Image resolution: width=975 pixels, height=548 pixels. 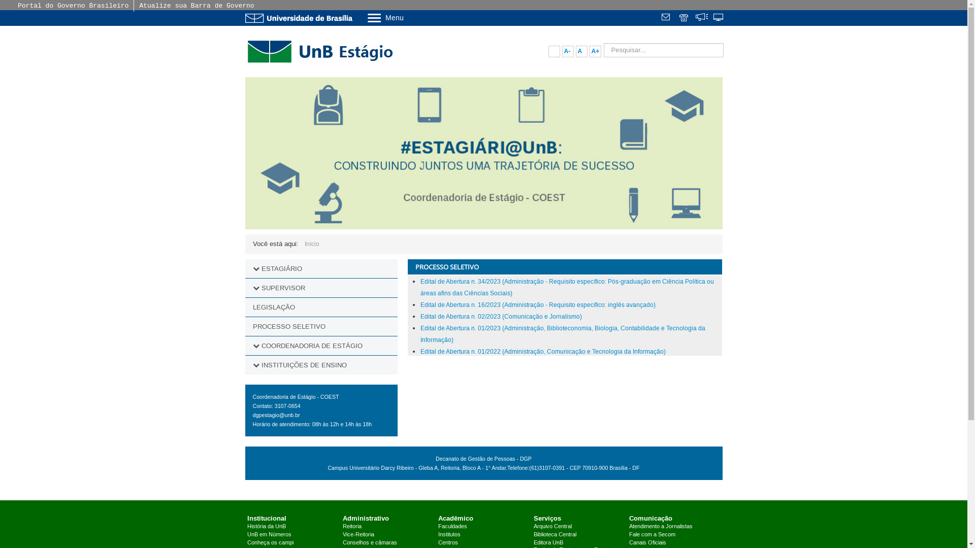 I want to click on 'Canais Oficiais', so click(x=647, y=542).